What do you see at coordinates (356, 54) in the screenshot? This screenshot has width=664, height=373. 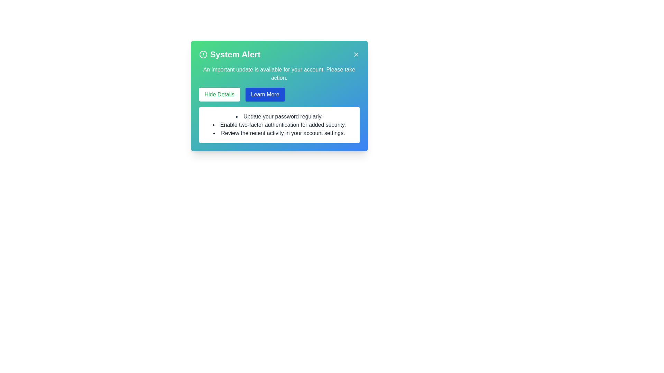 I see `the close icon button located at the top-right corner of the 'System Alert' dialog box` at bounding box center [356, 54].